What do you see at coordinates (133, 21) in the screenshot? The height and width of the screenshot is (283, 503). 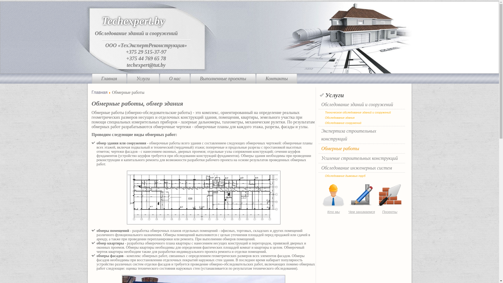 I see `'Techexpert.by'` at bounding box center [133, 21].